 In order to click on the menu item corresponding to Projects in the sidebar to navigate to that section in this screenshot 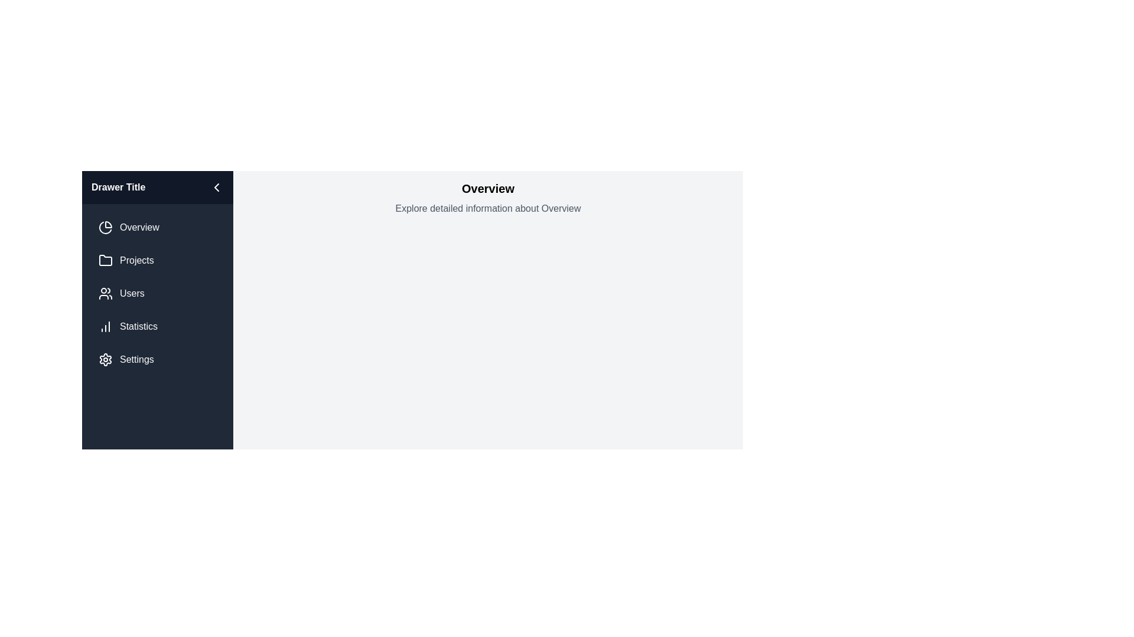, I will do `click(157, 260)`.